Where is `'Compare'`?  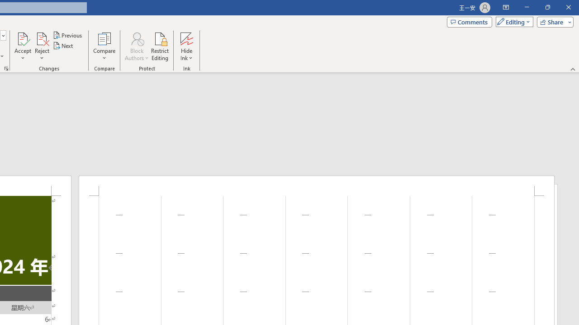
'Compare' is located at coordinates (104, 46).